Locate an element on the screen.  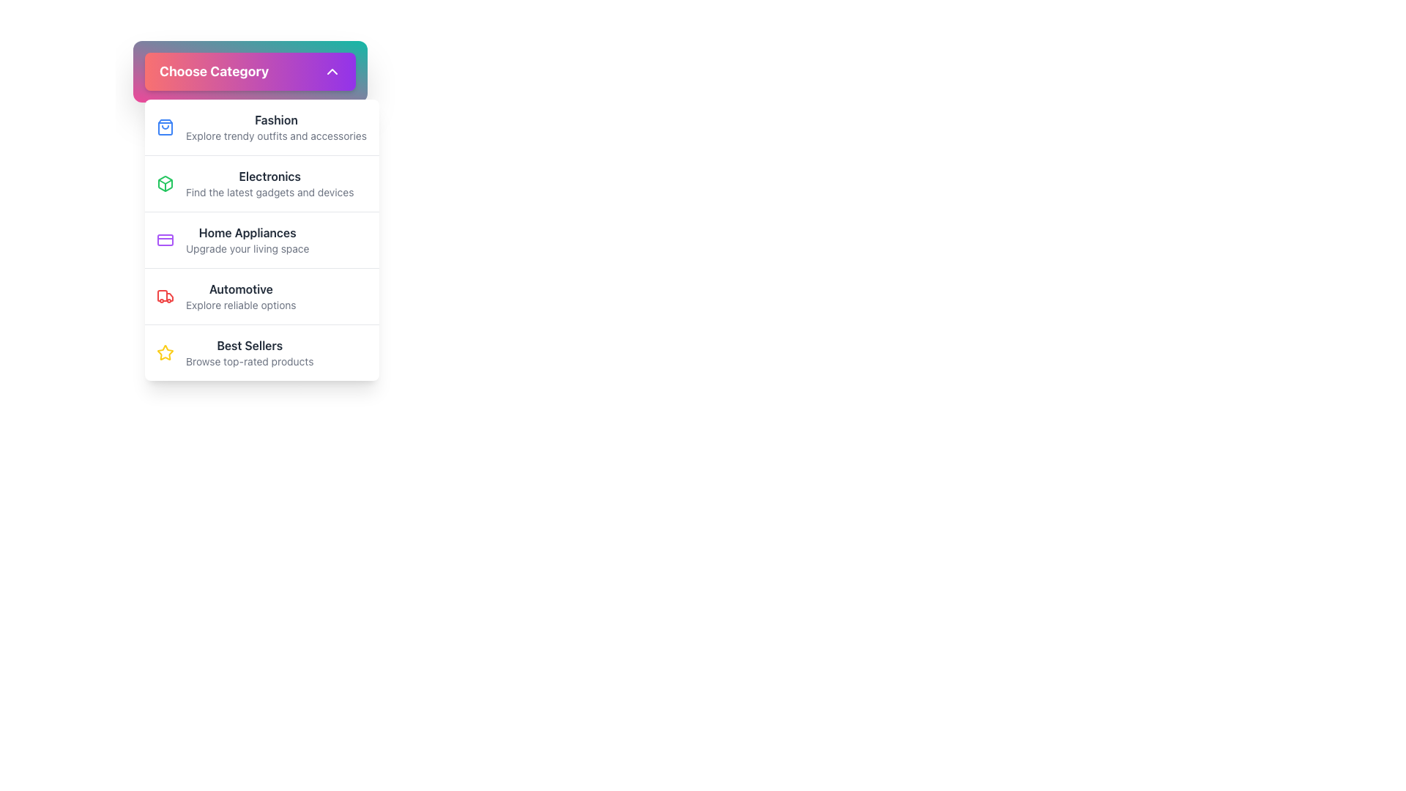
the bright gradient rectangular button labeled 'Choose Category' is located at coordinates (250, 71).